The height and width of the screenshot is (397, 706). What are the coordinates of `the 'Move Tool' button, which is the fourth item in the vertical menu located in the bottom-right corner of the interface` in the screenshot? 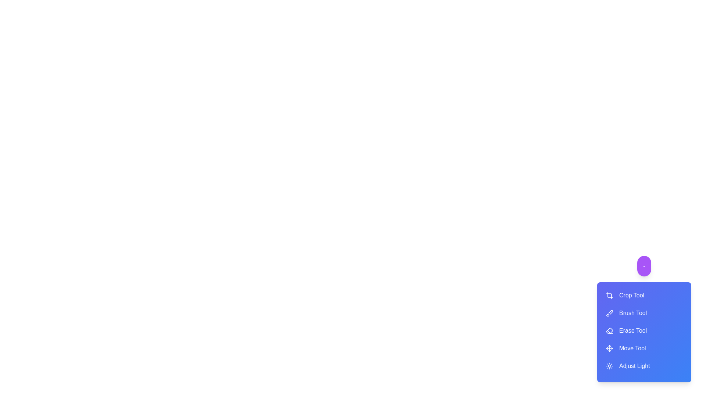 It's located at (632, 348).